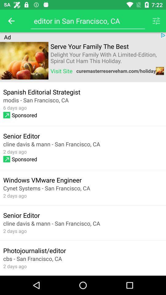 The width and height of the screenshot is (166, 295). What do you see at coordinates (87, 21) in the screenshot?
I see `editor in san` at bounding box center [87, 21].